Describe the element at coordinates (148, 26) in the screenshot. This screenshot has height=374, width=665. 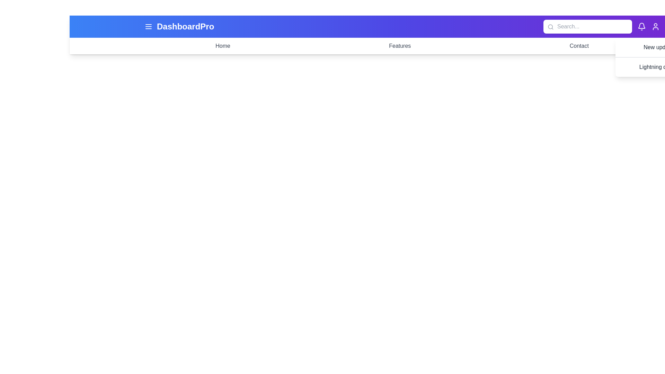
I see `the menu icon to toggle the side menu visibility` at that location.